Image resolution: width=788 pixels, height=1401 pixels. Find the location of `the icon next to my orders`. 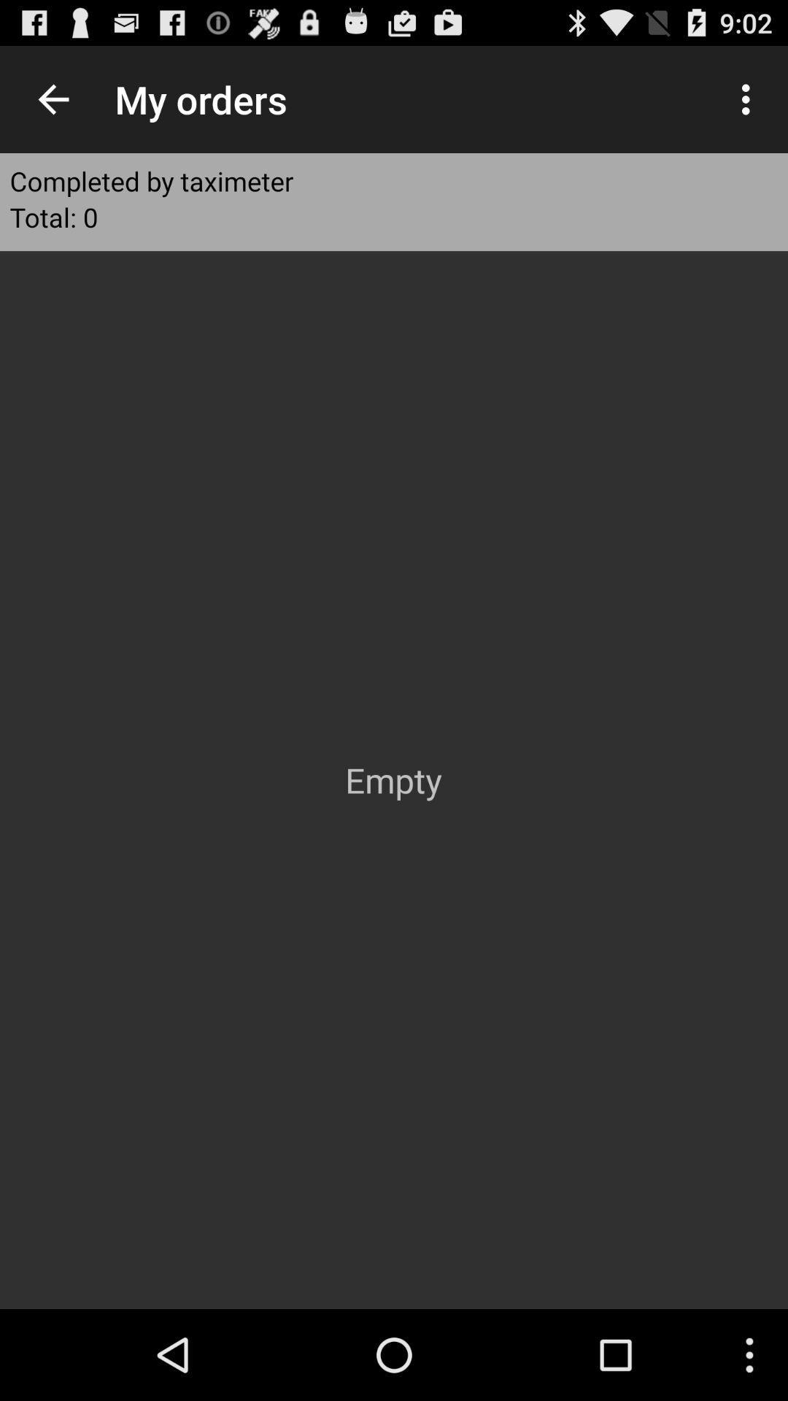

the icon next to my orders is located at coordinates (53, 99).